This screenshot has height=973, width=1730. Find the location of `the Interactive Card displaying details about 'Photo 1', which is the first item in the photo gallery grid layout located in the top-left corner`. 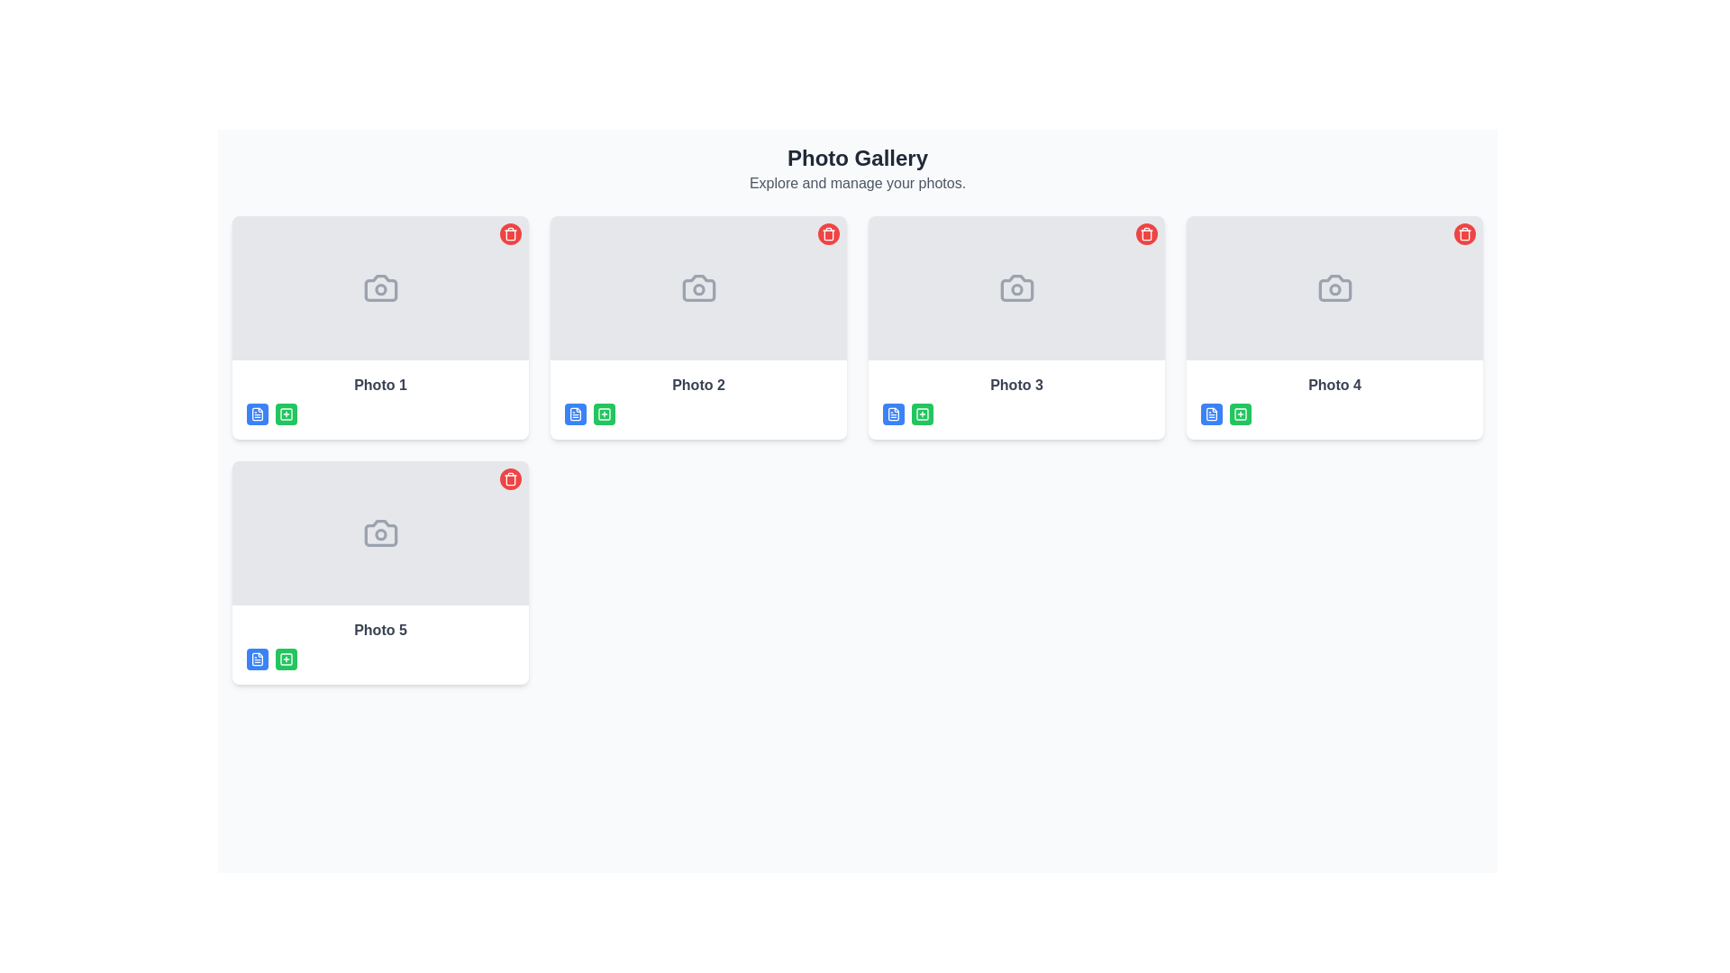

the Interactive Card displaying details about 'Photo 1', which is the first item in the photo gallery grid layout located in the top-left corner is located at coordinates (379, 327).